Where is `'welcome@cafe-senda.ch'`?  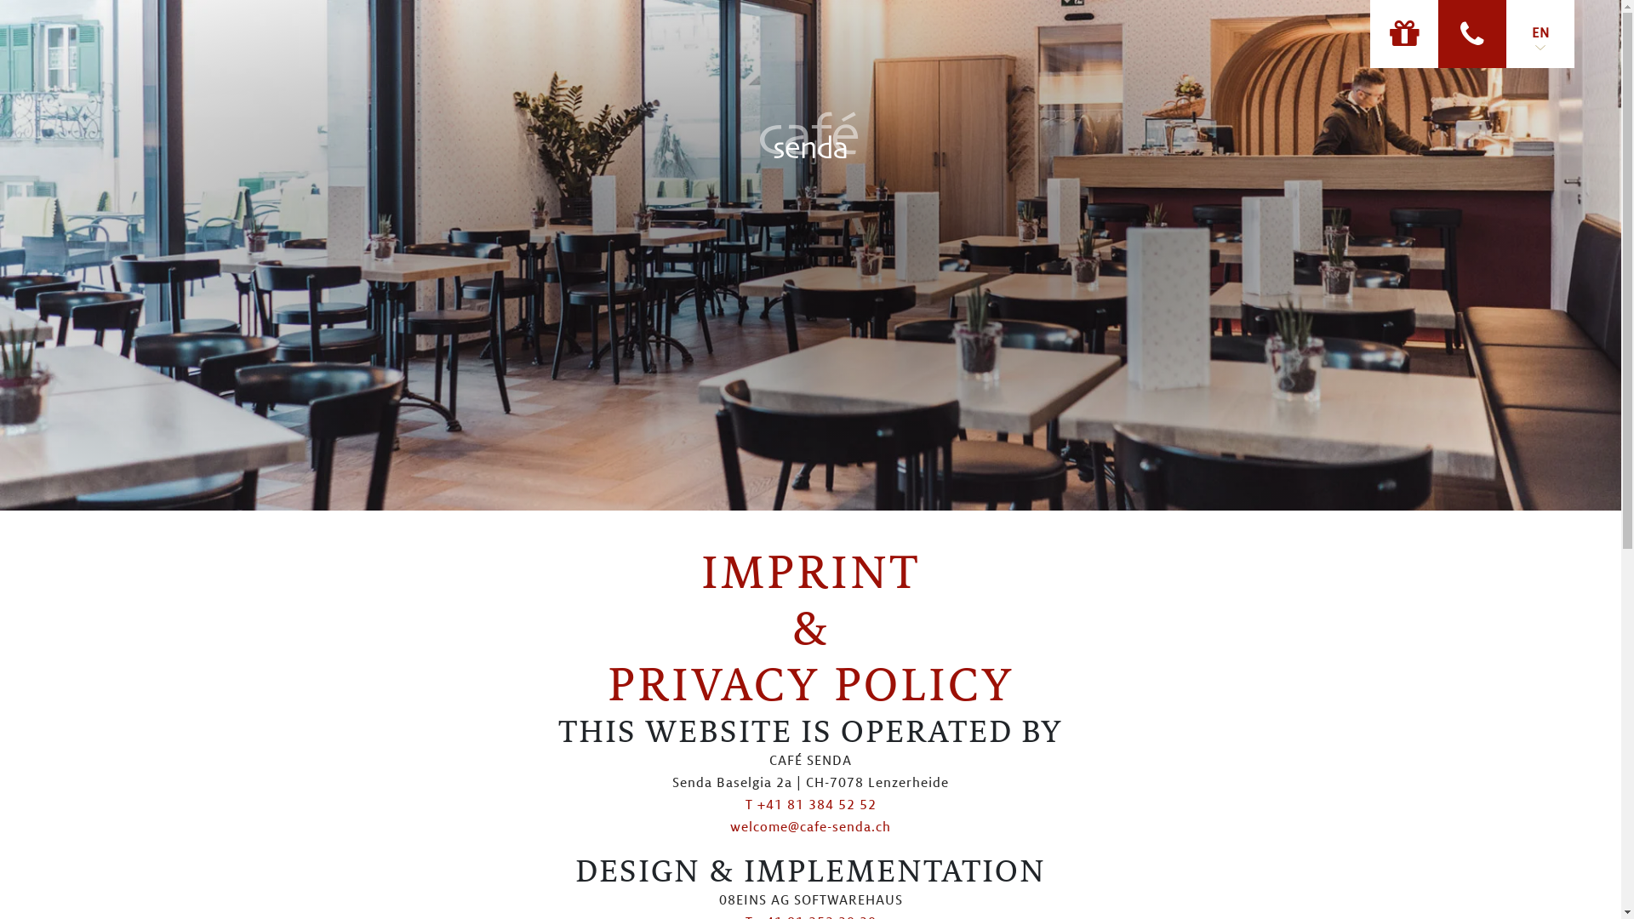
'welcome@cafe-senda.ch' is located at coordinates (809, 826).